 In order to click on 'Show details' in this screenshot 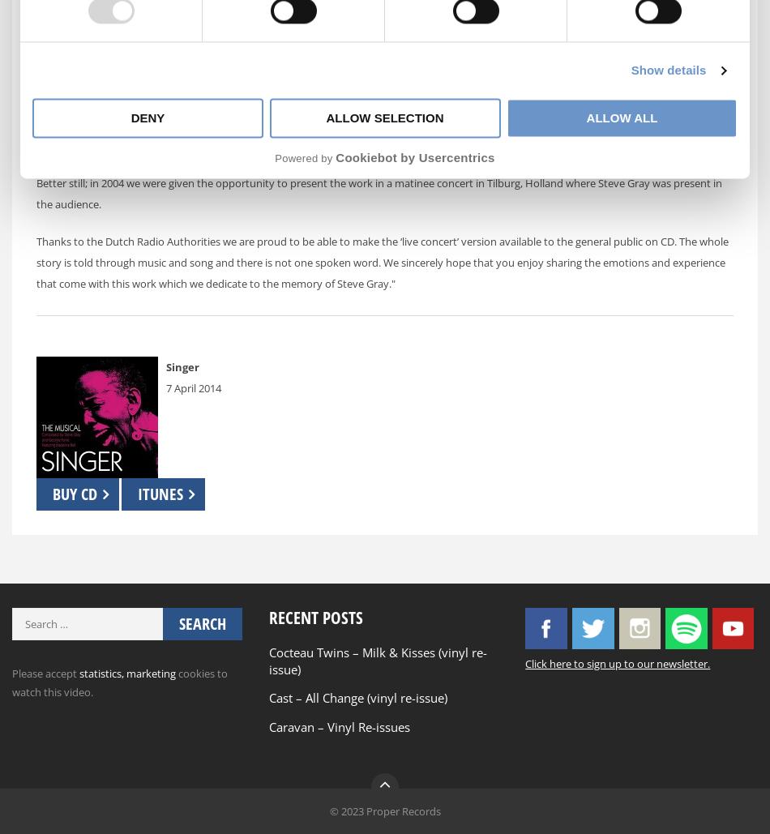, I will do `click(667, 69)`.